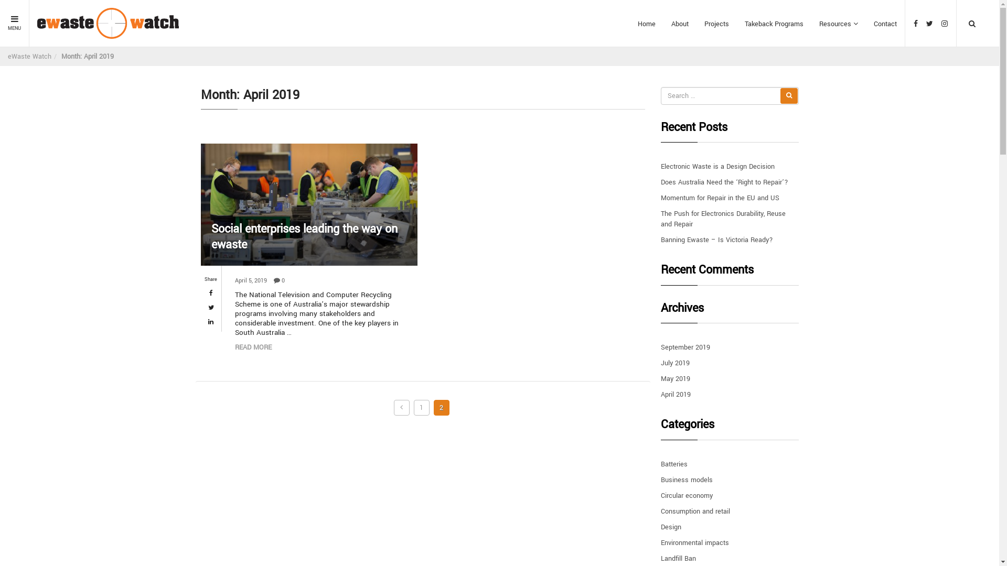 The height and width of the screenshot is (566, 1007). I want to click on 'Landfill Ban', so click(678, 558).